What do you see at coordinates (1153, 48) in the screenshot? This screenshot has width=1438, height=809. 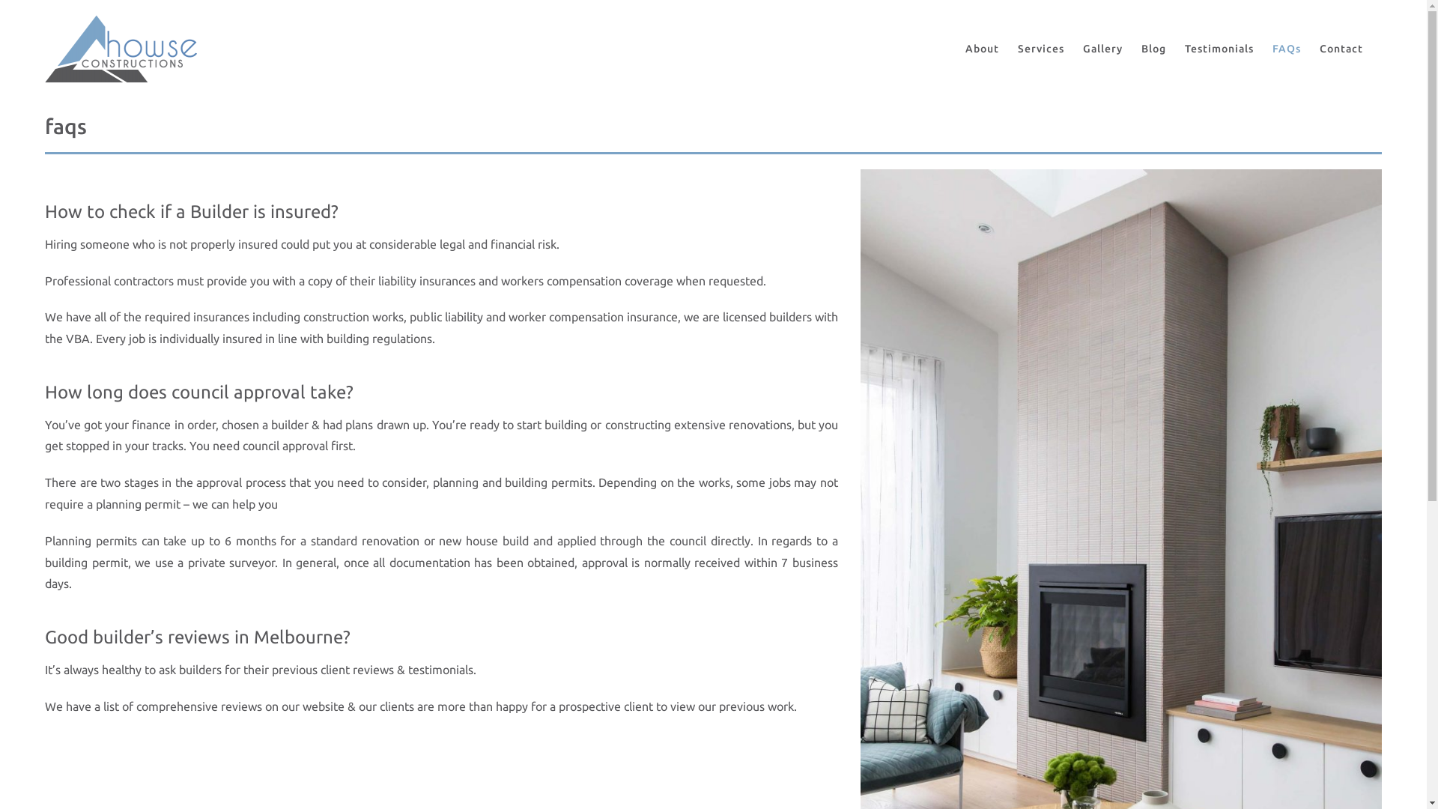 I see `'Blog'` at bounding box center [1153, 48].